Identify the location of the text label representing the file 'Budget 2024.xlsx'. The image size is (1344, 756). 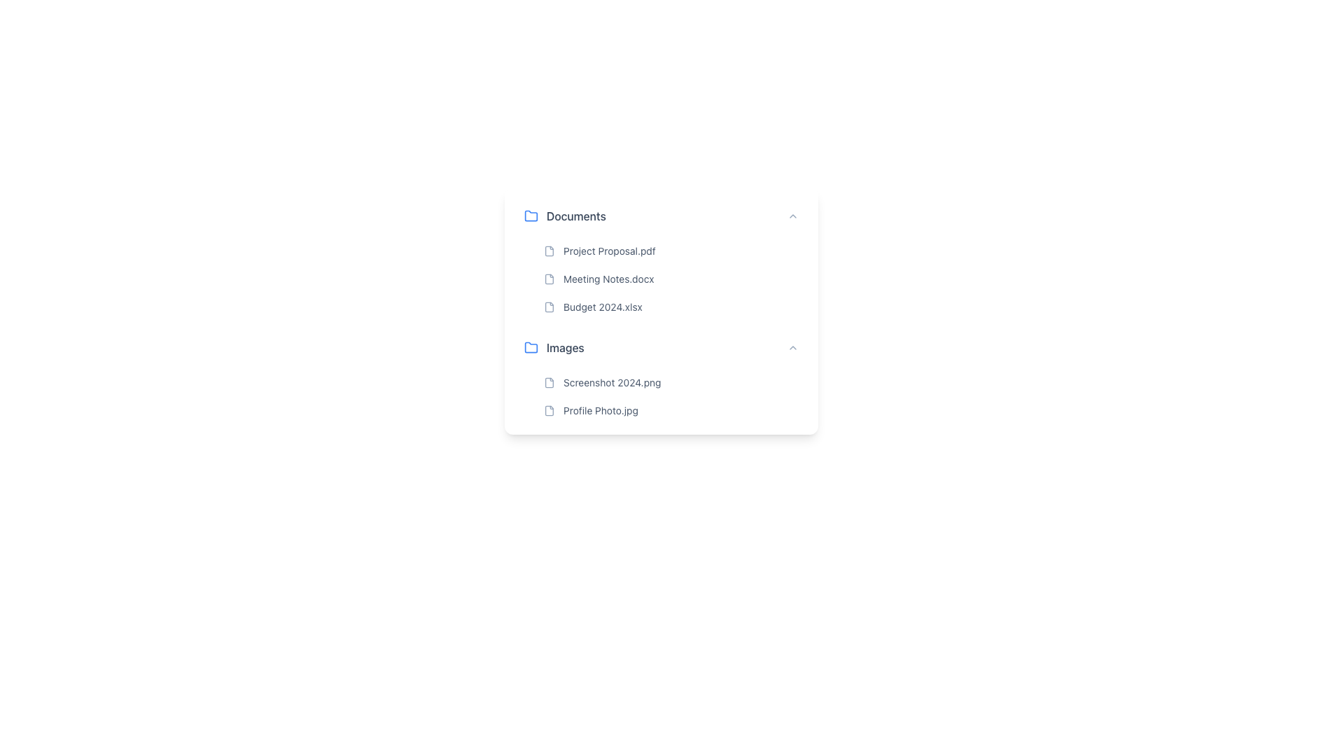
(602, 307).